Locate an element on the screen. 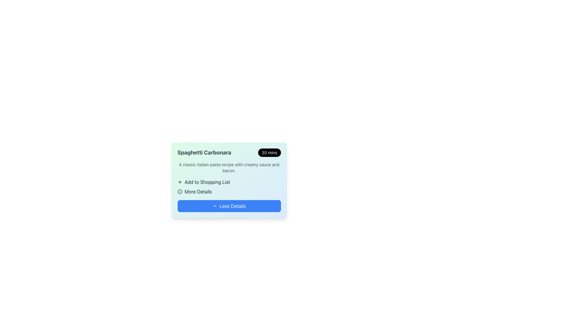 The height and width of the screenshot is (324, 577). the 'More Details' button, which is located below the 'Add to Shopping List' element and above the 'Less Details' blue button is located at coordinates (229, 192).